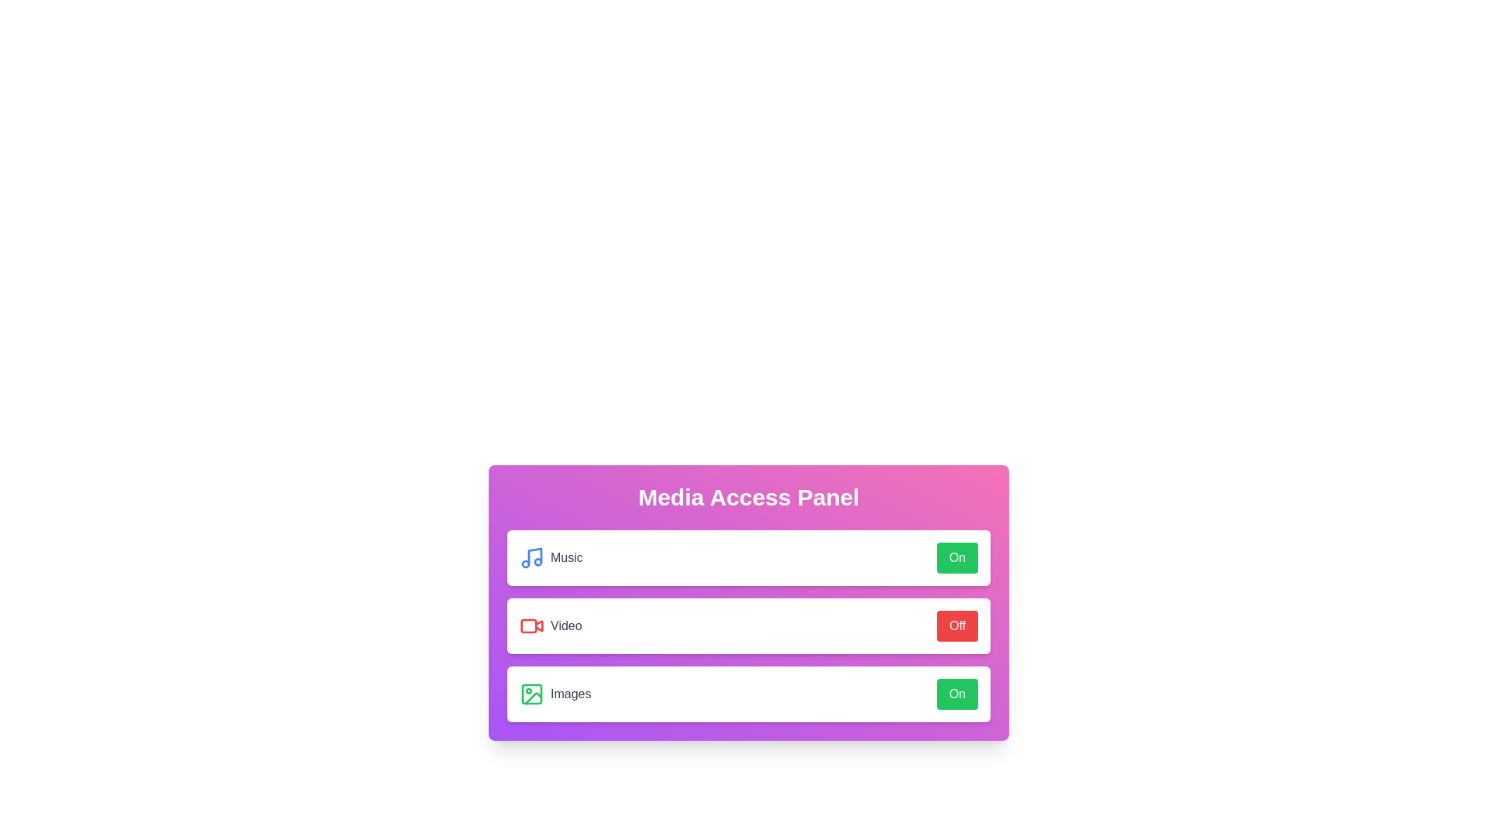 The height and width of the screenshot is (836, 1487). I want to click on the music icon to interact visually, so click(531, 558).